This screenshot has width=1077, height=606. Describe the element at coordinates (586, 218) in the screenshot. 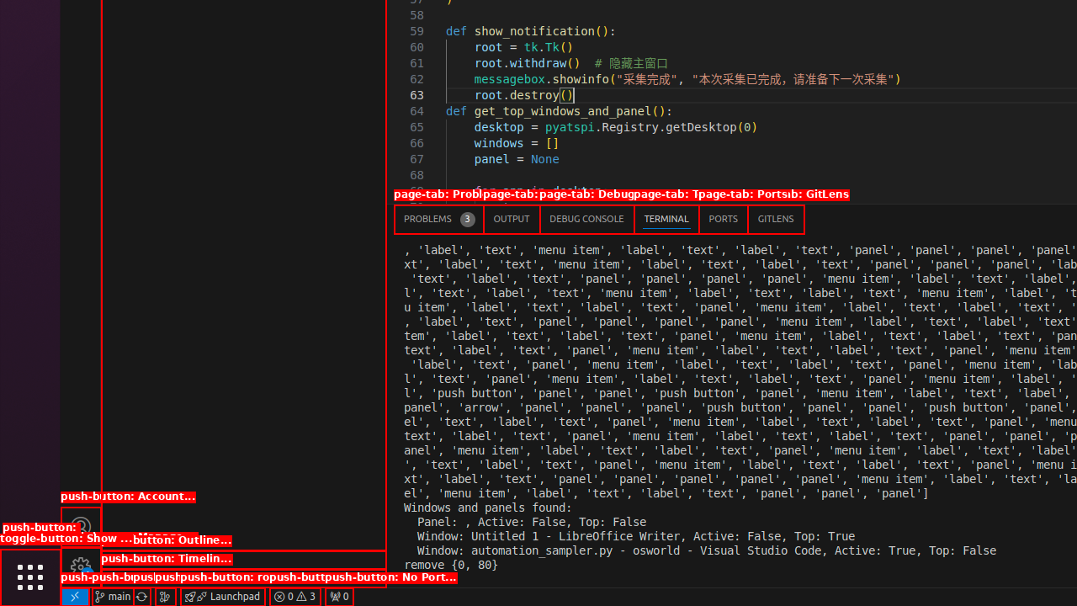

I see `'Debug Console (Ctrl+Shift+Y)'` at that location.